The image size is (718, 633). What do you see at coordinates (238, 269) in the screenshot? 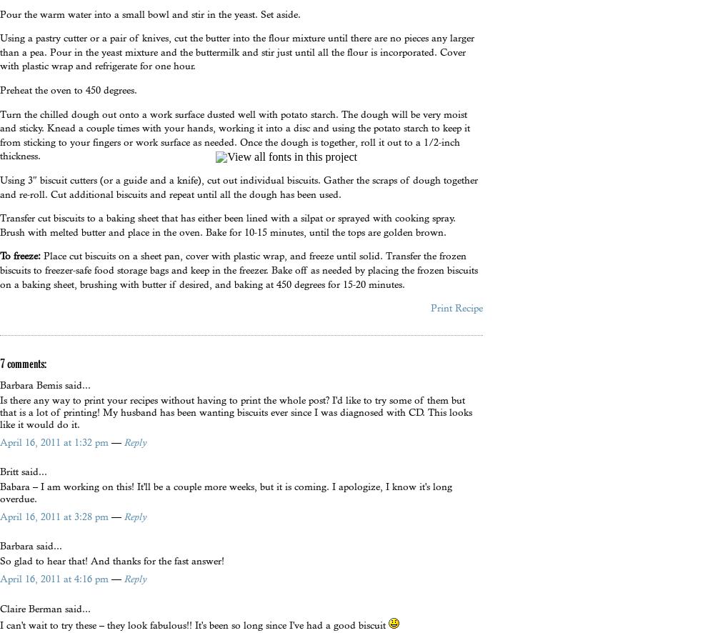
I see `'Place cut biscuits on a sheet pan, cover with plastic wrap, and freeze until solid.  Transfer the frozen biscuits to freezer-safe food storage bags and keep in the freezer.  Bake off as needed by placing the frozen biscuits on a baking sheet, brushing with butter if desired, and baking at 450 degrees for 15-20 minutes.'` at bounding box center [238, 269].